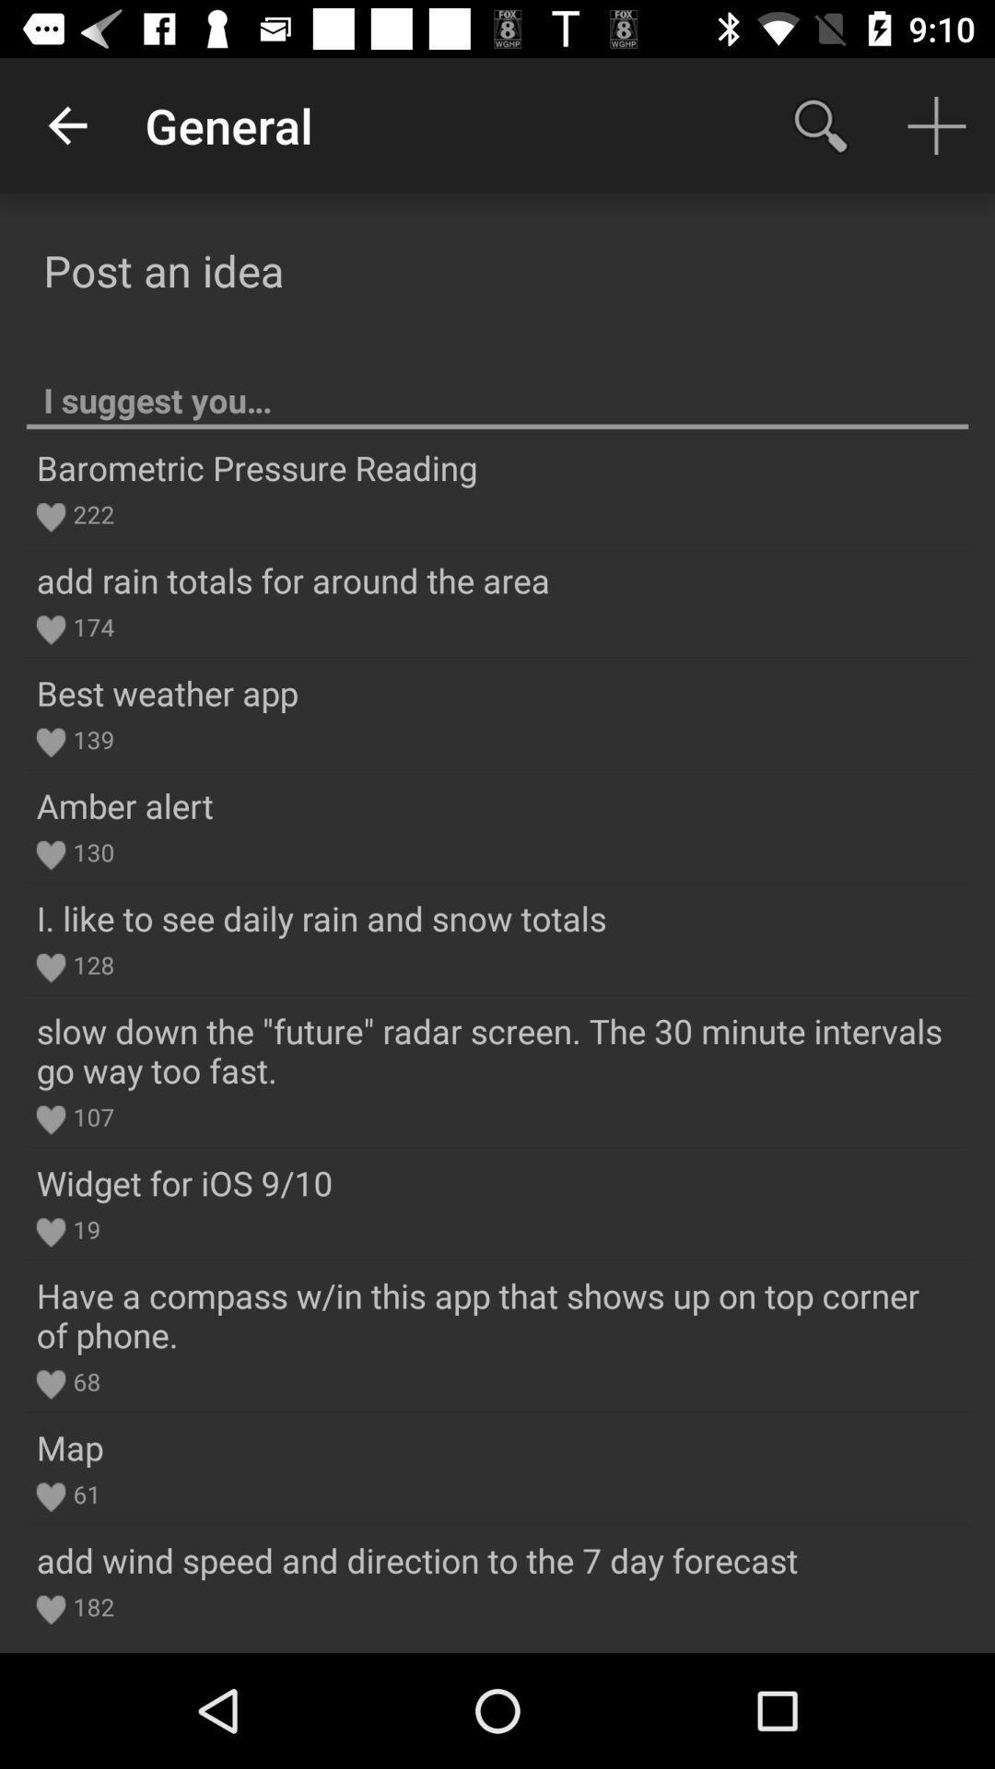 This screenshot has height=1769, width=995. Describe the element at coordinates (937, 125) in the screenshot. I see `add option on the top right` at that location.